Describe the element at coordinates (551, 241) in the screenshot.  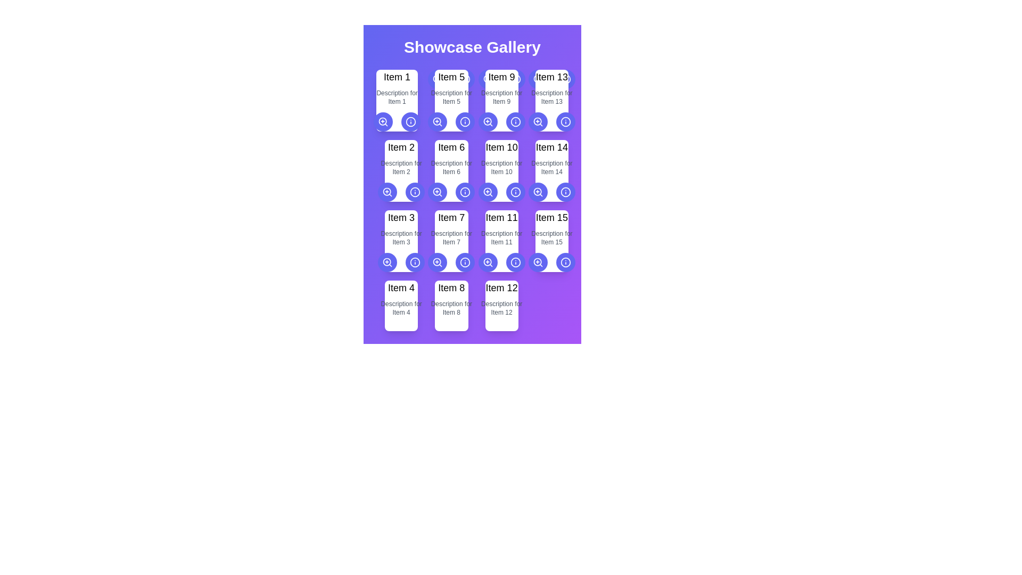
I see `the informational card displaying 'Item 15' located in the last column of the fourth row in the grid layout` at that location.